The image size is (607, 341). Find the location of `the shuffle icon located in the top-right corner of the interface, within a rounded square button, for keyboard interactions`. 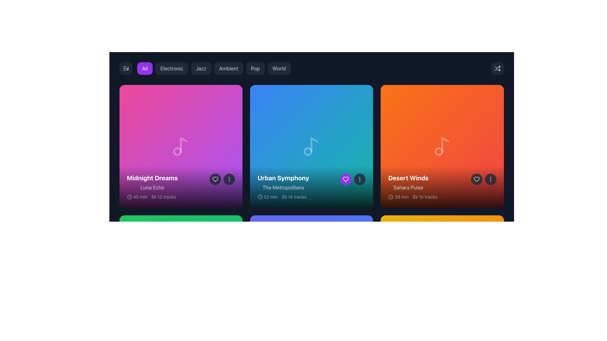

the shuffle icon located in the top-right corner of the interface, within a rounded square button, for keyboard interactions is located at coordinates (497, 68).